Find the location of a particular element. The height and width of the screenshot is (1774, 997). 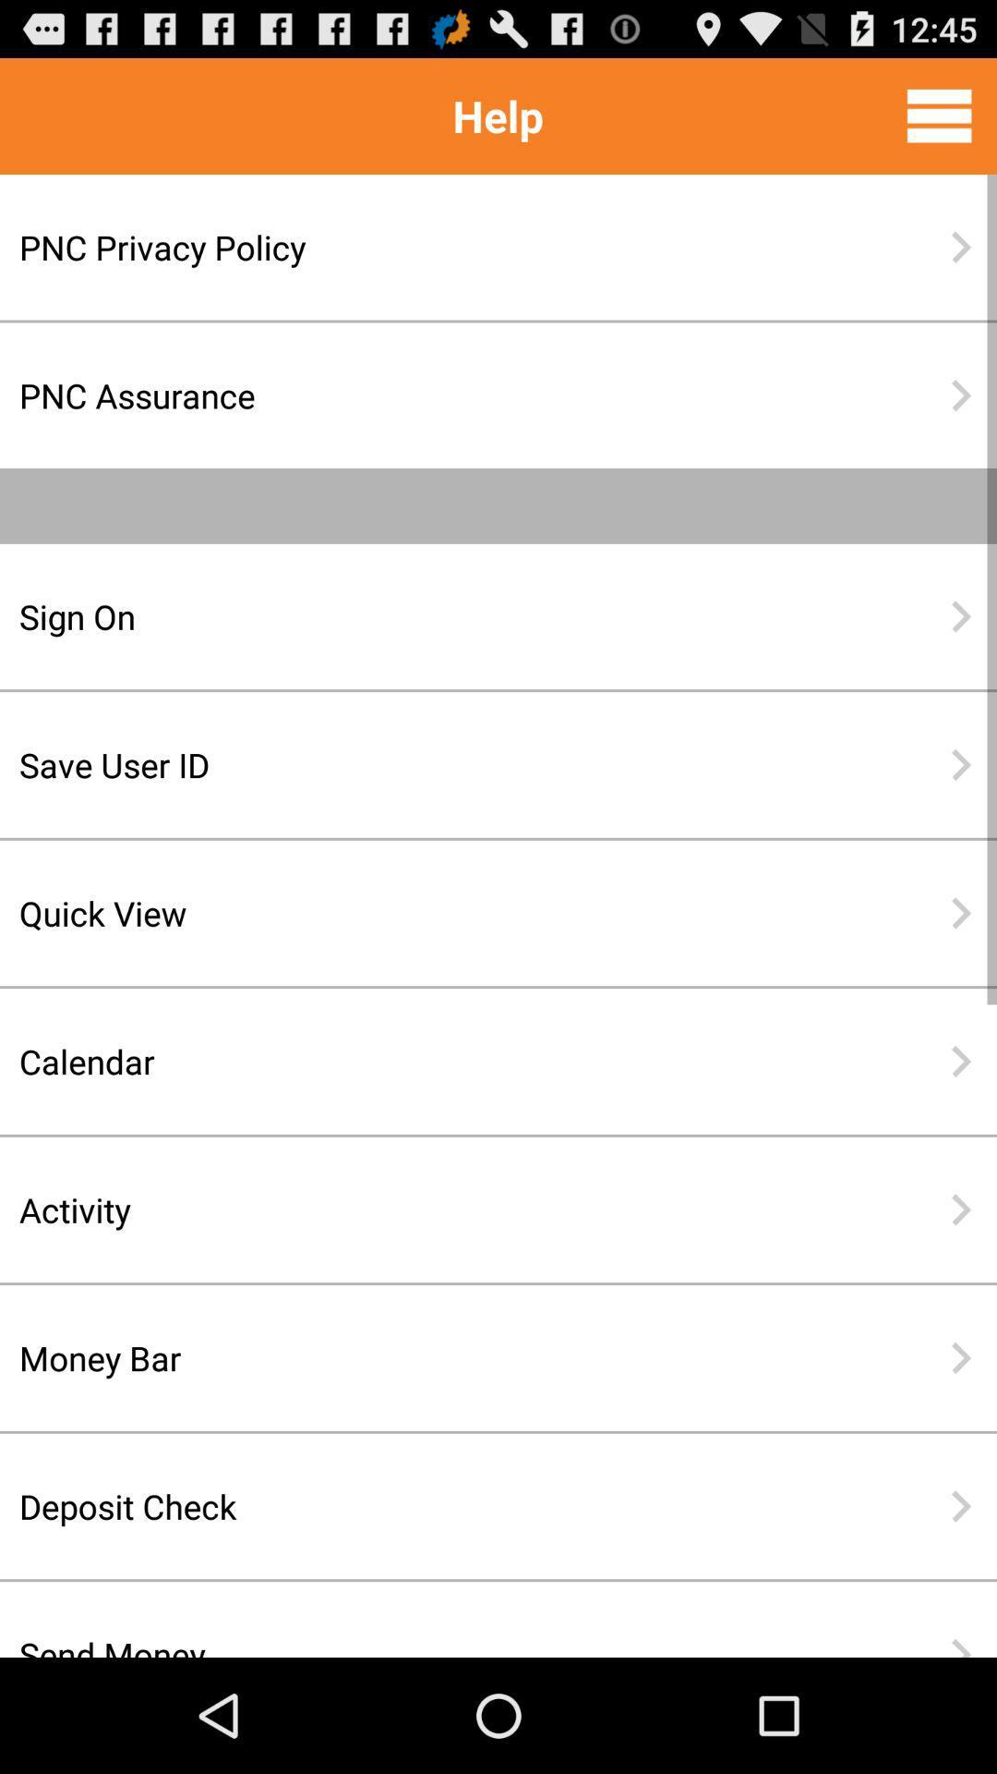

the item next to the pnc privacy policy item is located at coordinates (960, 246).